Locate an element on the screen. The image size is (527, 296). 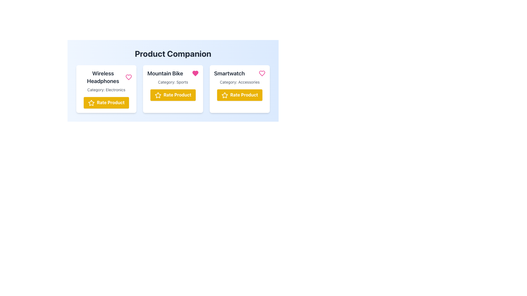
the 'Rate Product' button, which is the third button in the row under the 'Product Companion' heading, located at the bottom of the 'Smartwatch' card is located at coordinates (240, 95).